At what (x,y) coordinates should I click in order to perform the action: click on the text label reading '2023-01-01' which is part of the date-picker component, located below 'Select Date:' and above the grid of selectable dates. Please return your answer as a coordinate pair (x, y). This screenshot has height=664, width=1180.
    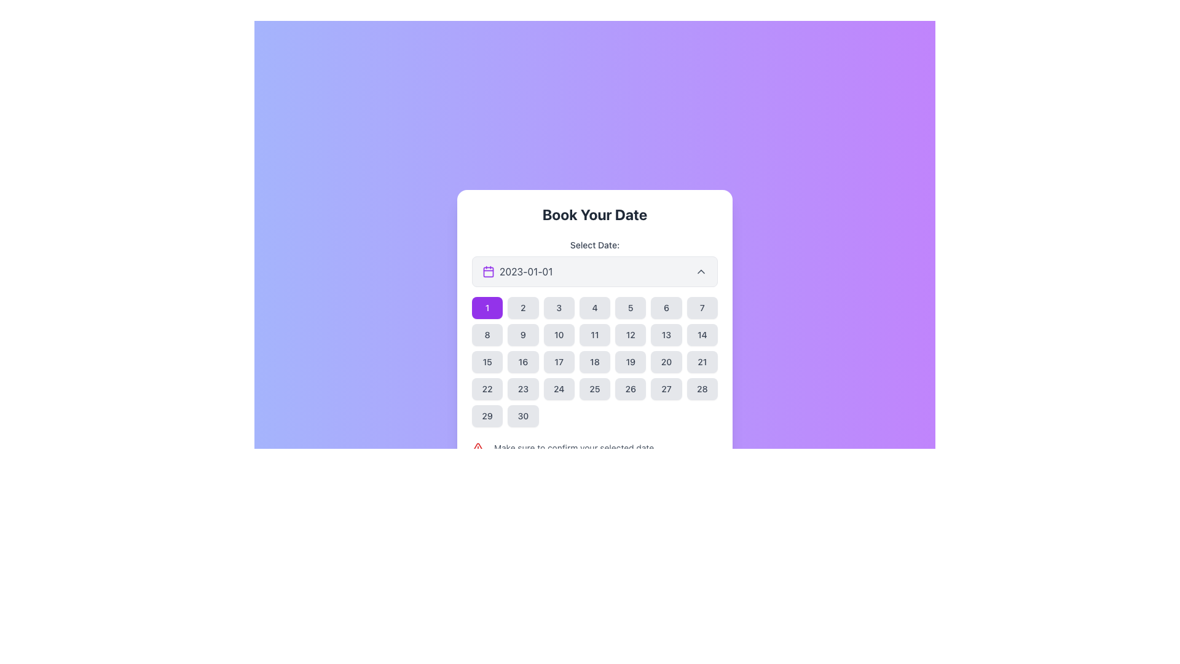
    Looking at the image, I should click on (526, 271).